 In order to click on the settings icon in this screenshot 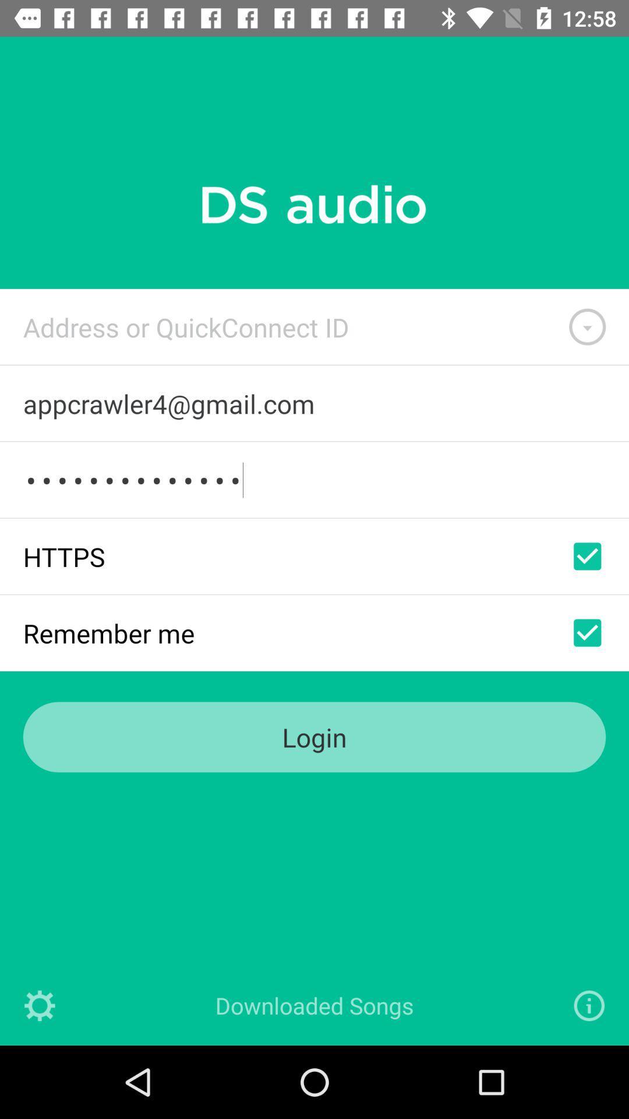, I will do `click(39, 1005)`.